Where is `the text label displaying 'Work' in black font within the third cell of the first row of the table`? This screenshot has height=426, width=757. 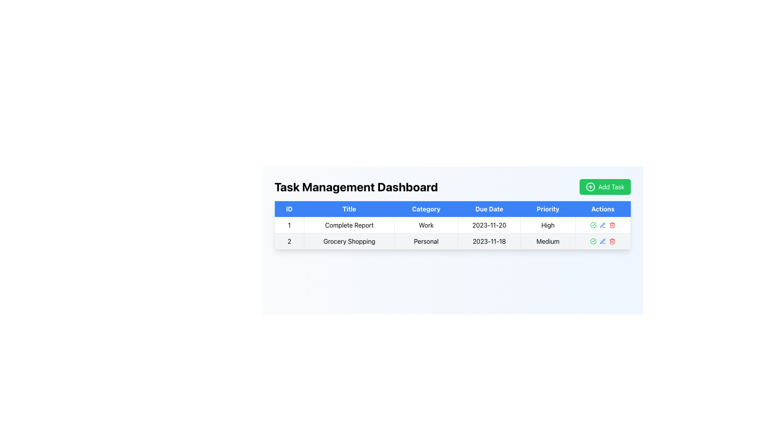 the text label displaying 'Work' in black font within the third cell of the first row of the table is located at coordinates (426, 225).